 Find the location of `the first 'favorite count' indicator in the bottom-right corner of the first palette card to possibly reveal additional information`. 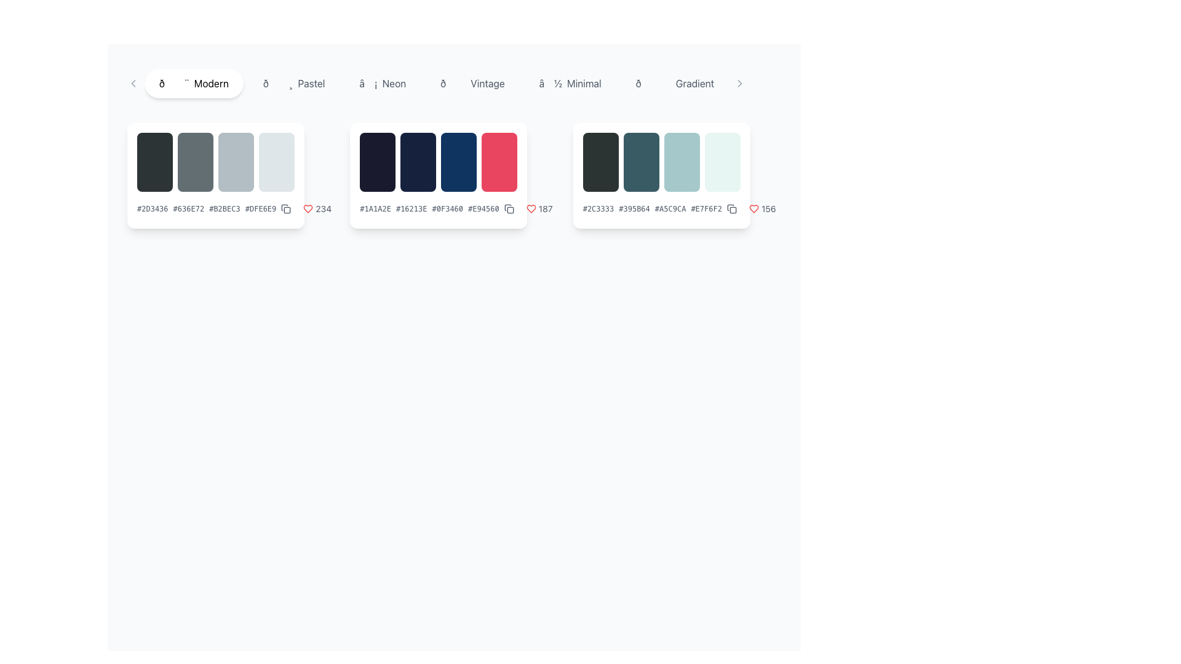

the first 'favorite count' indicator in the bottom-right corner of the first palette card to possibly reveal additional information is located at coordinates (317, 208).